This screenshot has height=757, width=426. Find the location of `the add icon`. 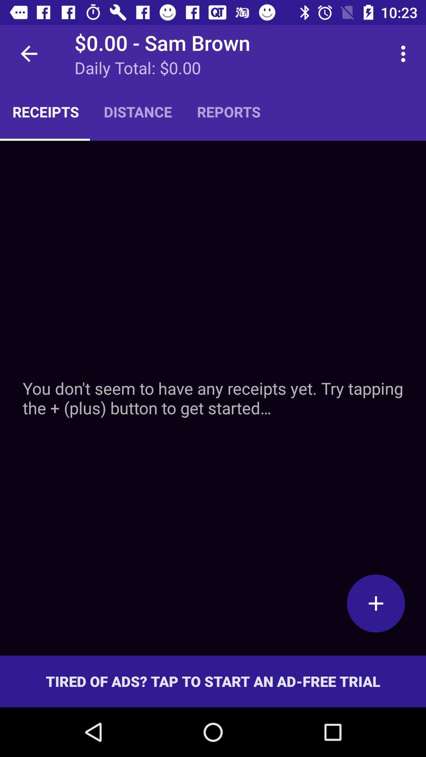

the add icon is located at coordinates (376, 603).